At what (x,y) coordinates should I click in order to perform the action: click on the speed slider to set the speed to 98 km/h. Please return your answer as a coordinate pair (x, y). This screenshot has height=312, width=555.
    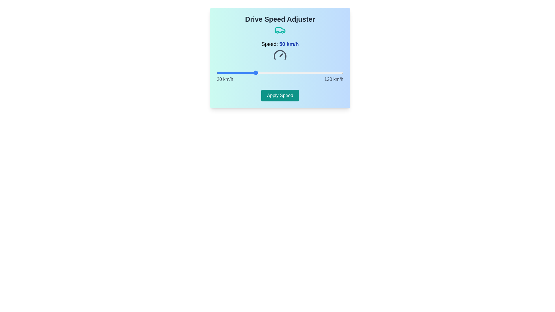
    Looking at the image, I should click on (315, 72).